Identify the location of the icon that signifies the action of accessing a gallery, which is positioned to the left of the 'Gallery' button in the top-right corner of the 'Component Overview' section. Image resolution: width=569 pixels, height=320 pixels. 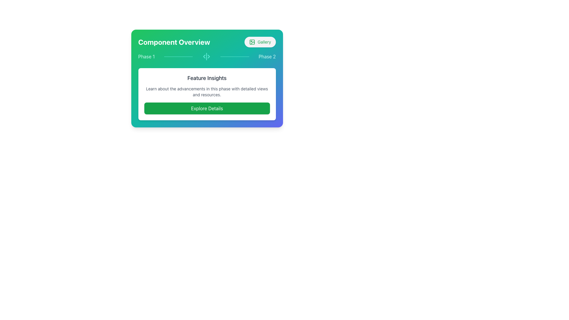
(252, 42).